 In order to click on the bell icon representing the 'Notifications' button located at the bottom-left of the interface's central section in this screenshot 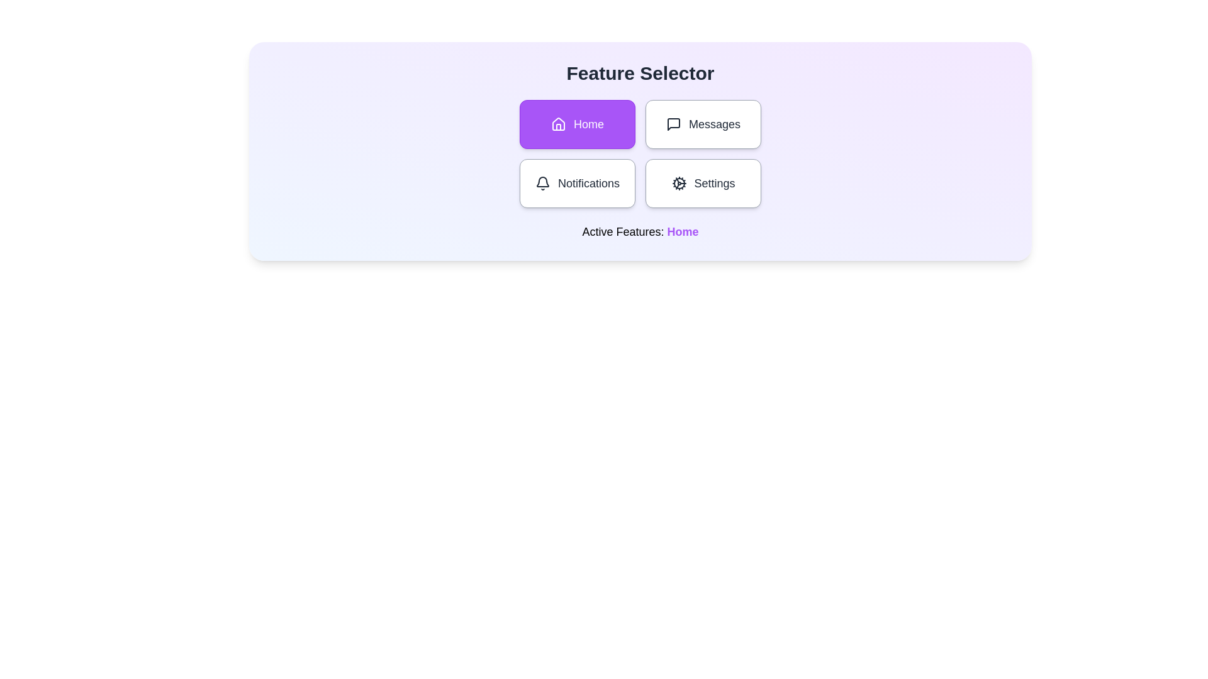, I will do `click(543, 184)`.